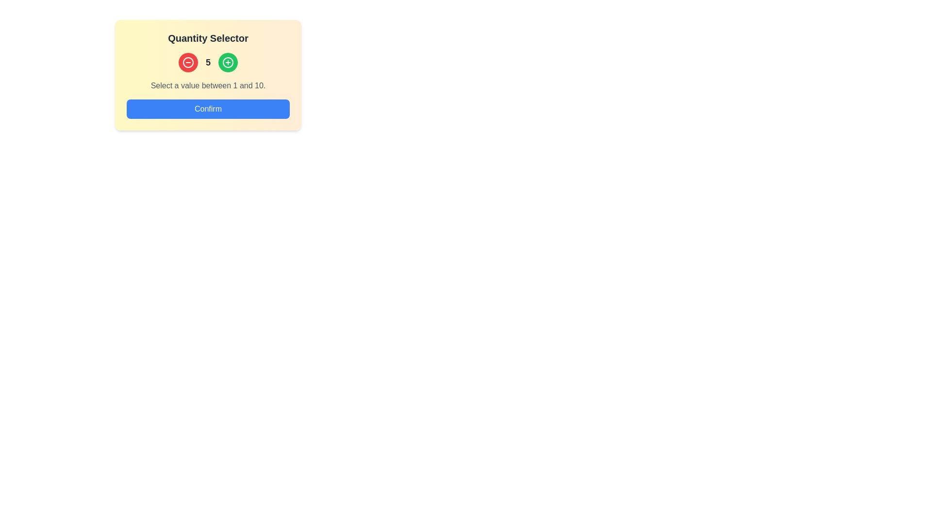  Describe the element at coordinates (228, 62) in the screenshot. I see `the presence of the increment button icon located at the rightmost part of the control panel, adjacent to the numerical display and the 'Confirm' button` at that location.